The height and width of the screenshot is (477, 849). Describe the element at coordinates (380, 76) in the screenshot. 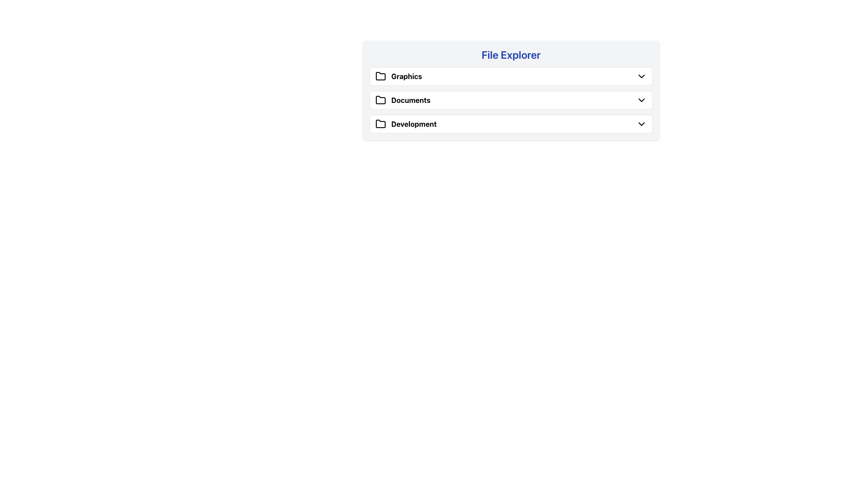

I see `the folder icon representing the 'Graphics' label within the 'File Explorer' menu` at that location.